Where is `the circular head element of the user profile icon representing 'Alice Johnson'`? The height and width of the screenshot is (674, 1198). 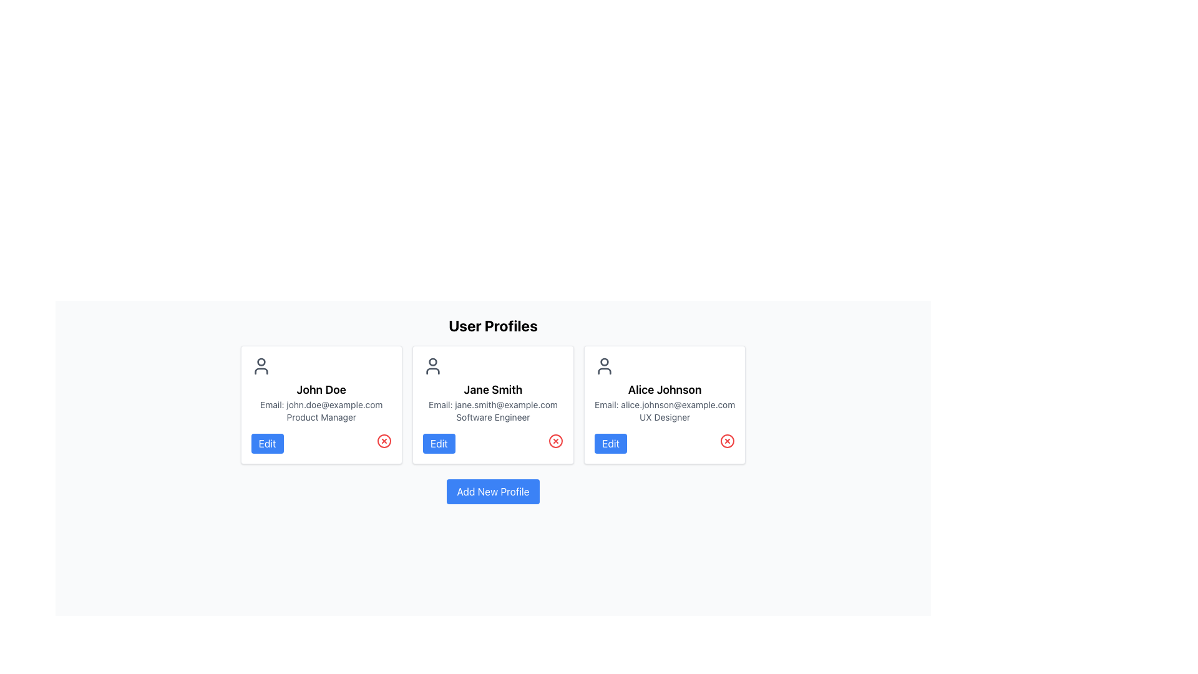
the circular head element of the user profile icon representing 'Alice Johnson' is located at coordinates (605, 362).